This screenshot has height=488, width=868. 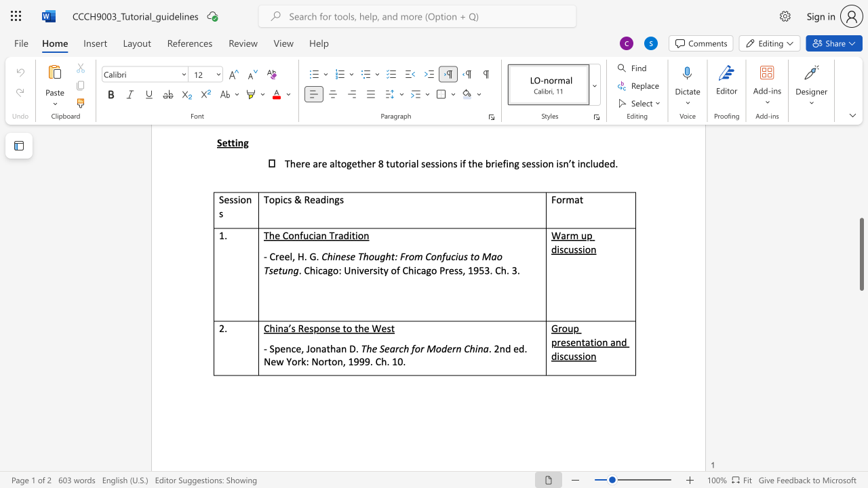 I want to click on the scrollbar to move the content higher, so click(x=861, y=210).